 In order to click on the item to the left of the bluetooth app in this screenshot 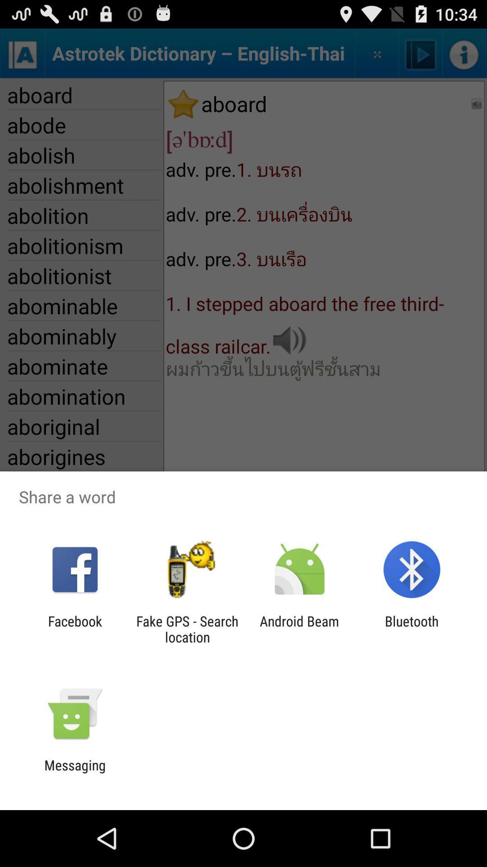, I will do `click(299, 629)`.